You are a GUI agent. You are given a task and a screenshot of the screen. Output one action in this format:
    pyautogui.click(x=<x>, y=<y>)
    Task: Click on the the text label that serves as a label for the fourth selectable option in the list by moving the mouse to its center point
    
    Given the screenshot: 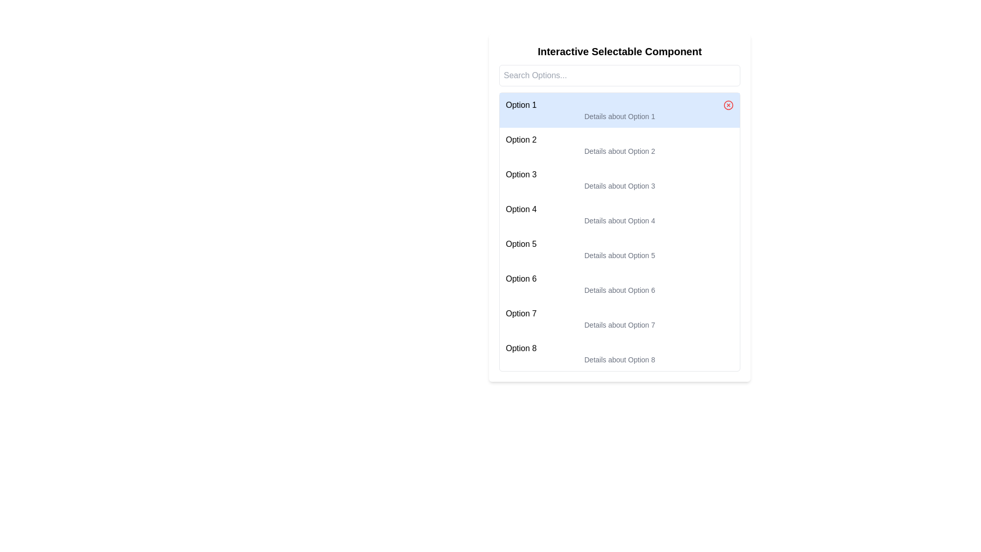 What is the action you would take?
    pyautogui.click(x=521, y=209)
    